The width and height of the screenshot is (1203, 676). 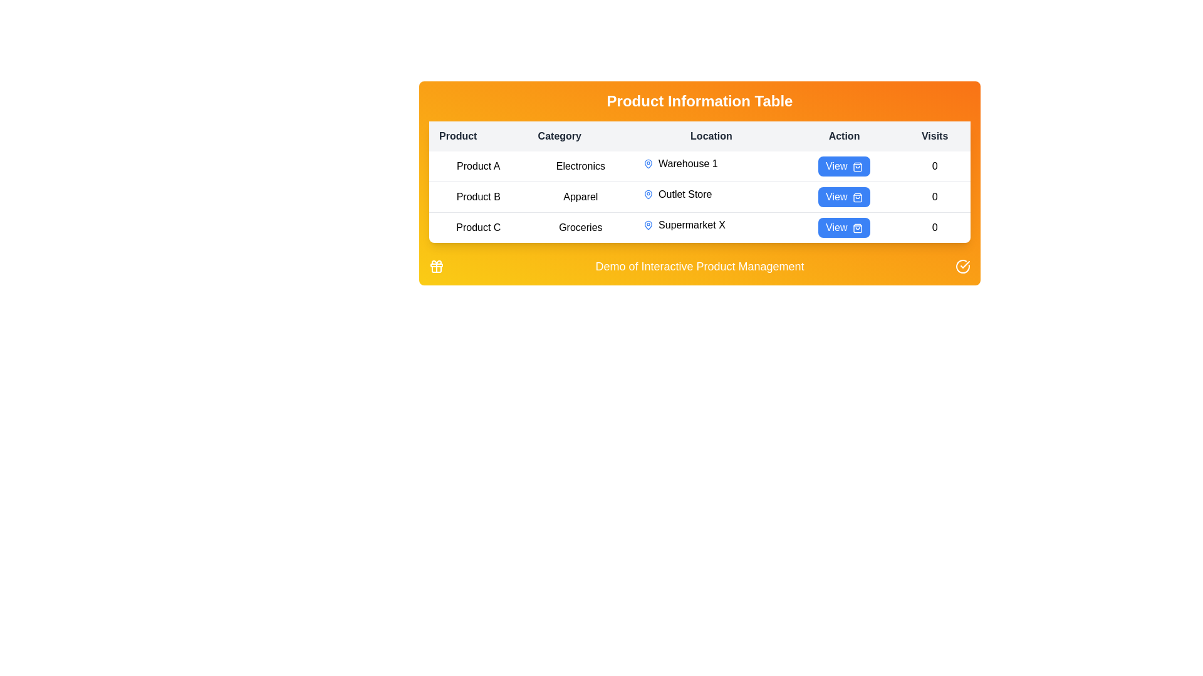 What do you see at coordinates (857, 197) in the screenshot?
I see `the appearance of the small outlined shopping bag icon located at the right end of the 'View' button in the product information section's Action column` at bounding box center [857, 197].